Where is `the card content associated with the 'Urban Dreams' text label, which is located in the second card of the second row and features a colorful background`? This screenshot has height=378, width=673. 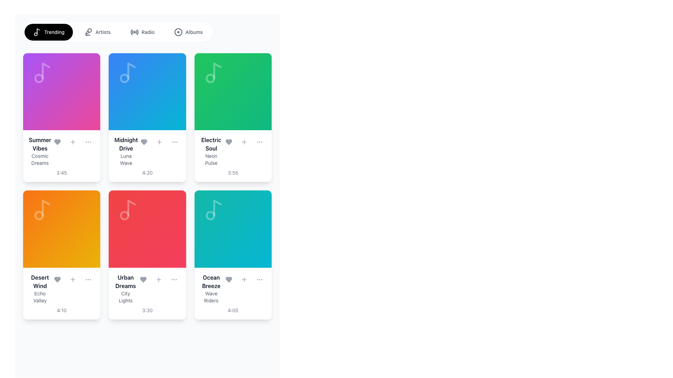 the card content associated with the 'Urban Dreams' text label, which is located in the second card of the second row and features a colorful background is located at coordinates (125, 288).